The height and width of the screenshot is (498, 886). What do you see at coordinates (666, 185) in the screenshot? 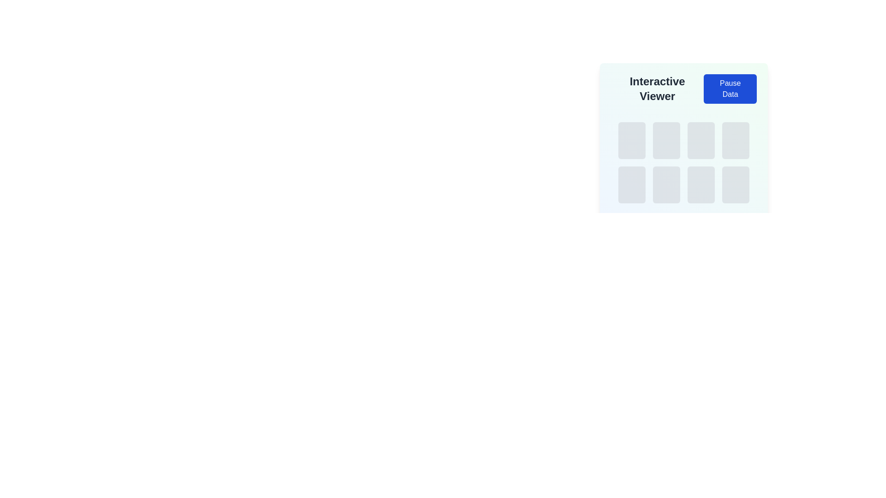
I see `the Animation placeholder or skeleton loader, which is a rectangular component with rounded edges, solid gray color, and a pulsing animation effect, located in the second row, second column of a grid layout` at bounding box center [666, 185].